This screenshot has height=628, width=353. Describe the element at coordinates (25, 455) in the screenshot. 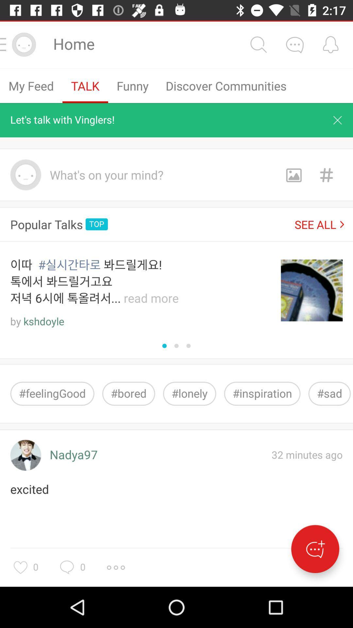

I see `profile picture` at that location.